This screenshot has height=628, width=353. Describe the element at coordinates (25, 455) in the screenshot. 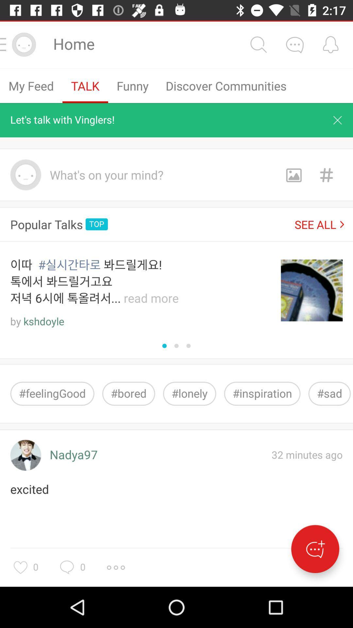

I see `profile picture` at that location.